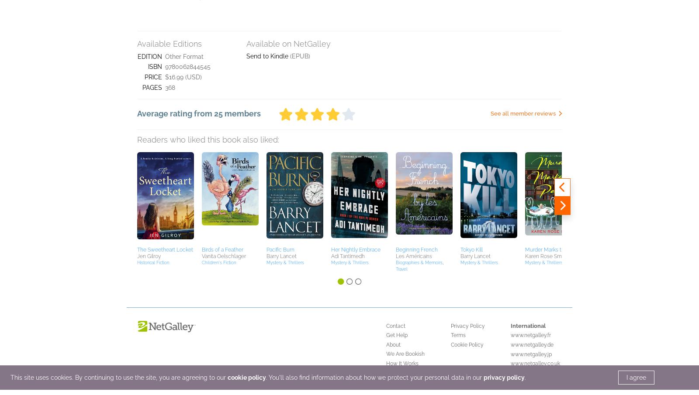  Describe the element at coordinates (525, 28) in the screenshot. I see `'.'` at that location.